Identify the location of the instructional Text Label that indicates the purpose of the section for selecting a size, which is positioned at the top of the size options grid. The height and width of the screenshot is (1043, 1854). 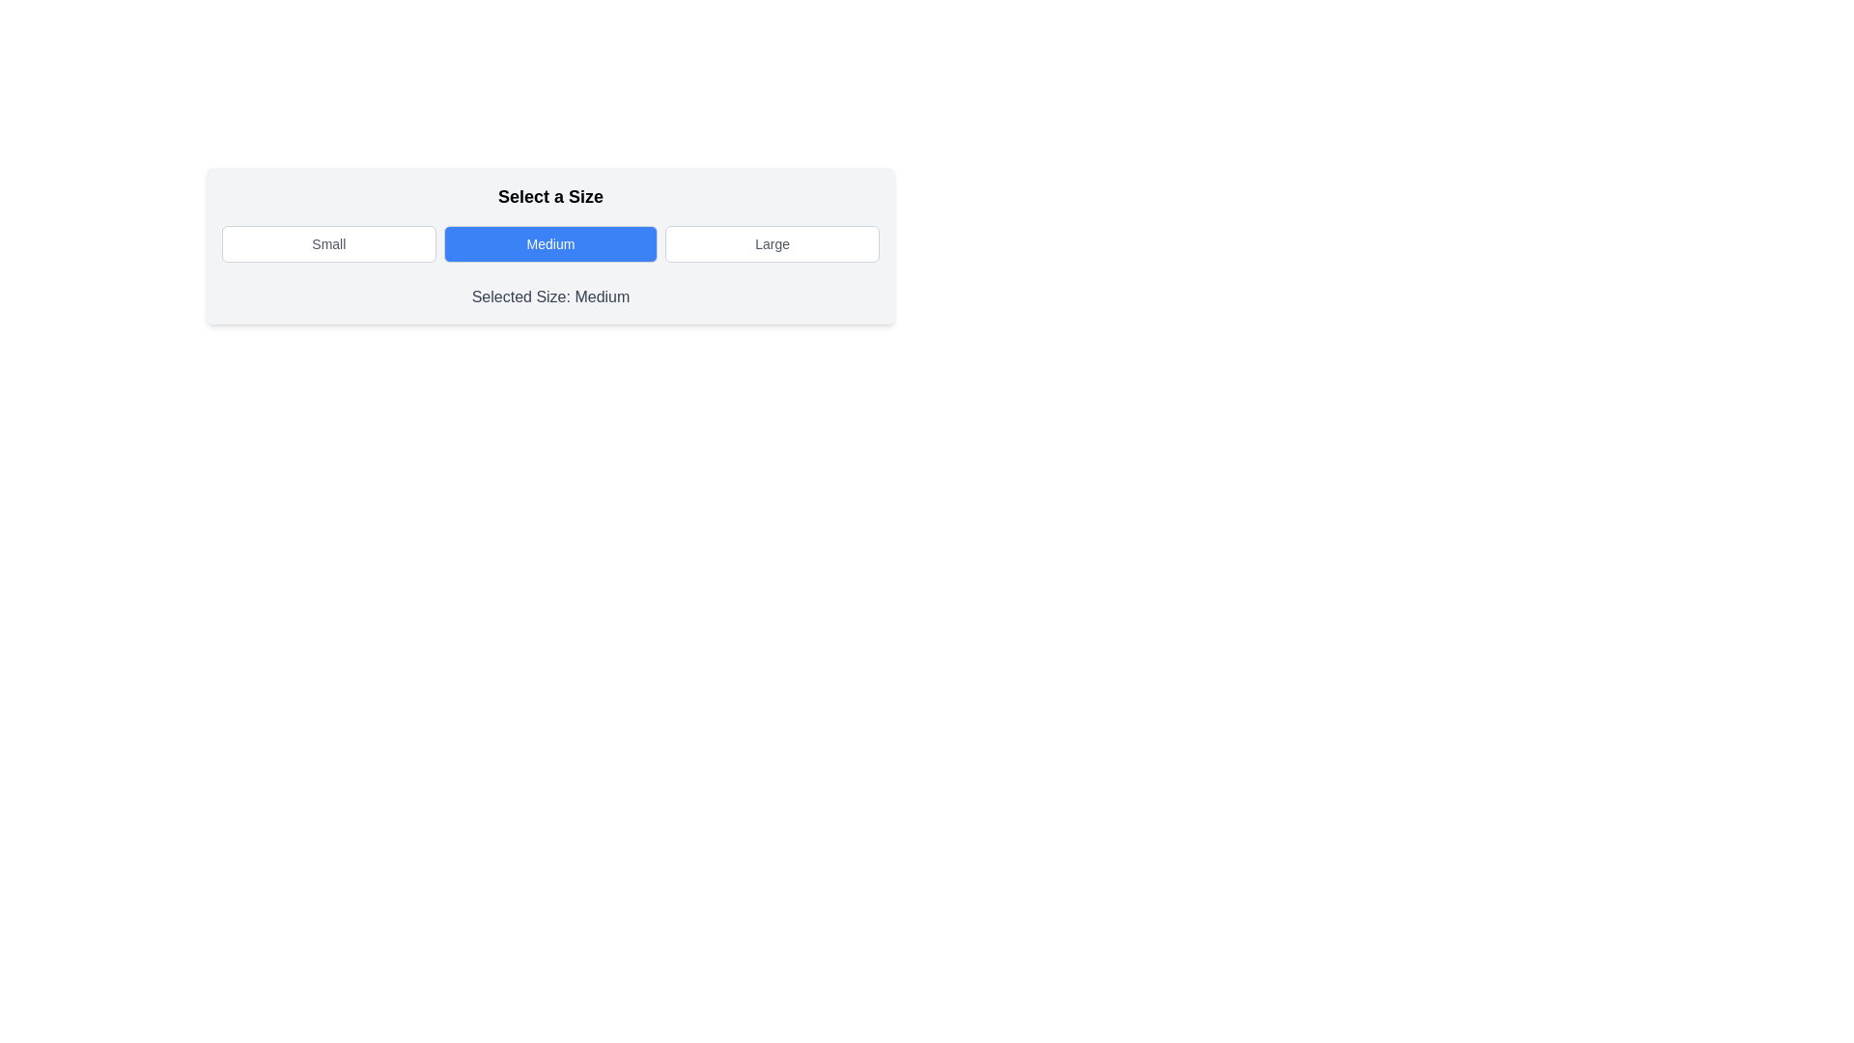
(549, 197).